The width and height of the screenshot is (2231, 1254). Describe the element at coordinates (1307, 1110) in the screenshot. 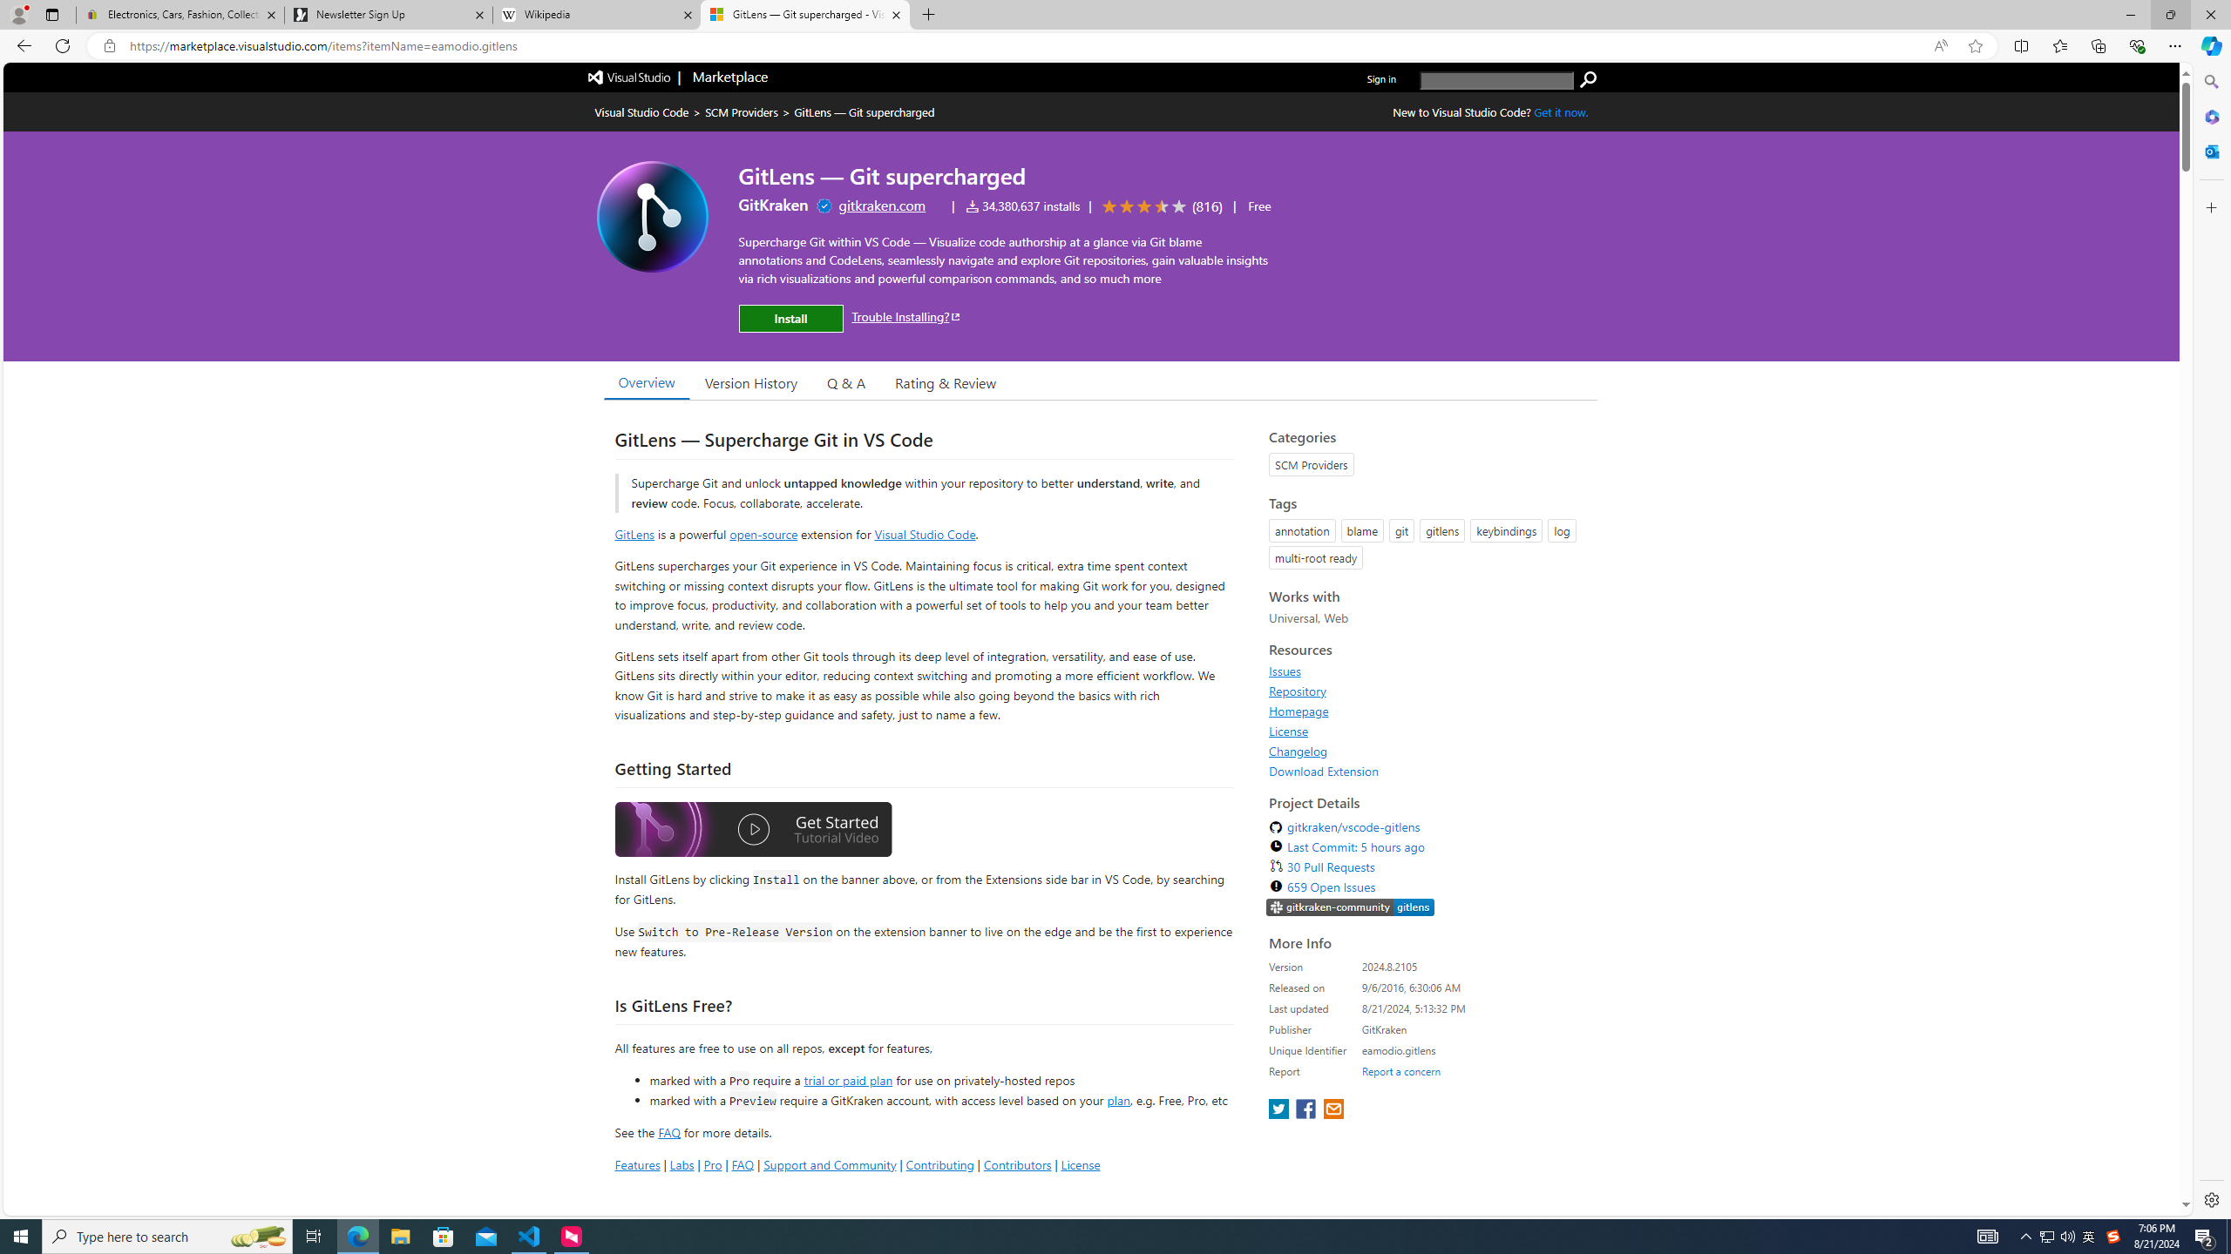

I see `'share extension on facebook'` at that location.